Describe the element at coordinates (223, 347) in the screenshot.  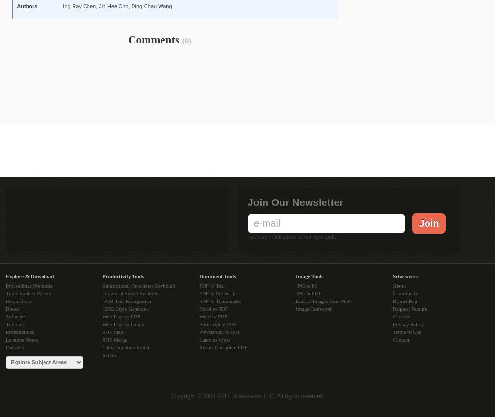
I see `'Repair Corrupted PDF'` at that location.